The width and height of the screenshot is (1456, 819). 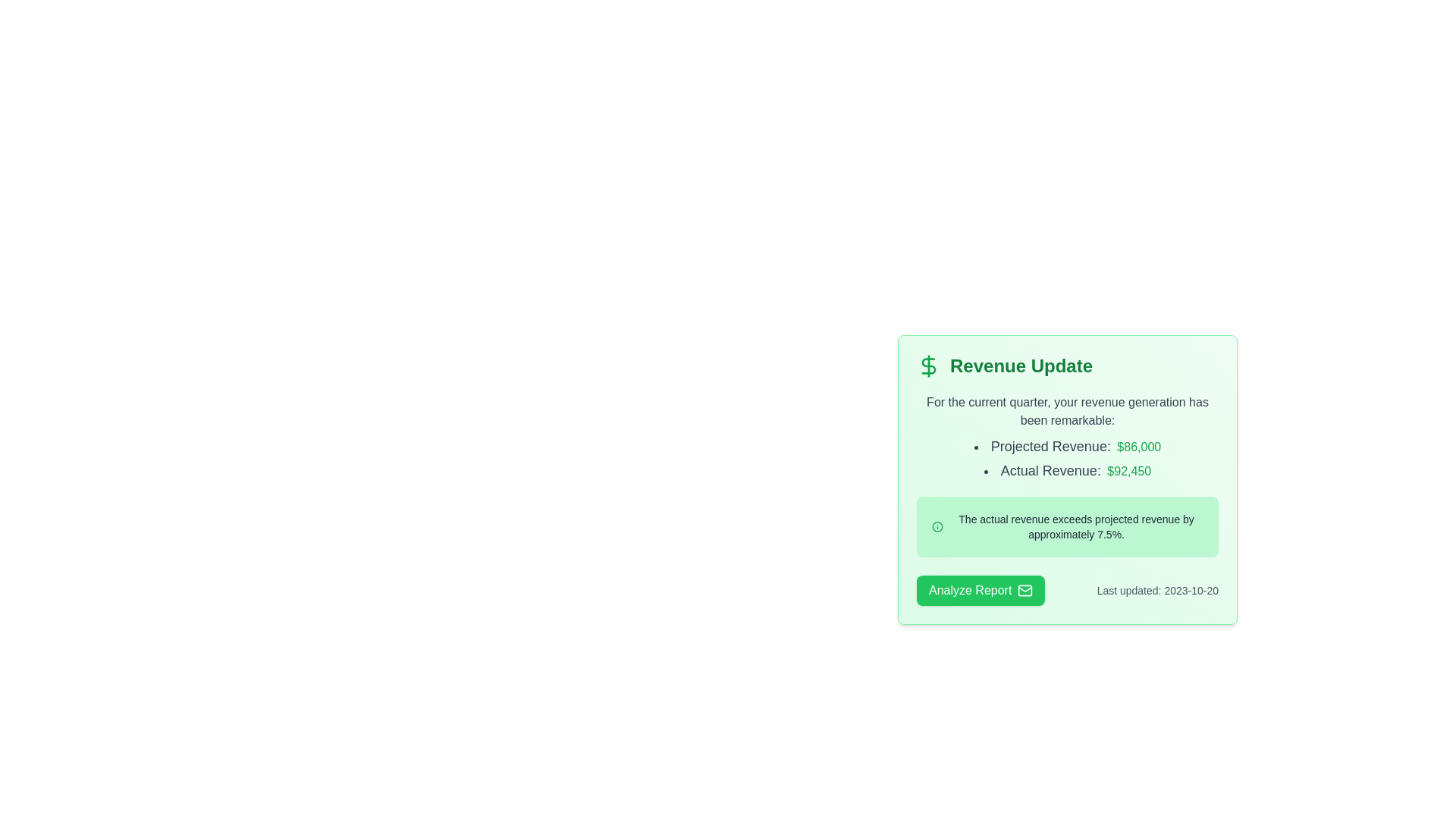 What do you see at coordinates (1066, 438) in the screenshot?
I see `information displayed in the text block with bullet points that summarizes the revenue for the current quarter, located within the 'Revenue Update' card` at bounding box center [1066, 438].